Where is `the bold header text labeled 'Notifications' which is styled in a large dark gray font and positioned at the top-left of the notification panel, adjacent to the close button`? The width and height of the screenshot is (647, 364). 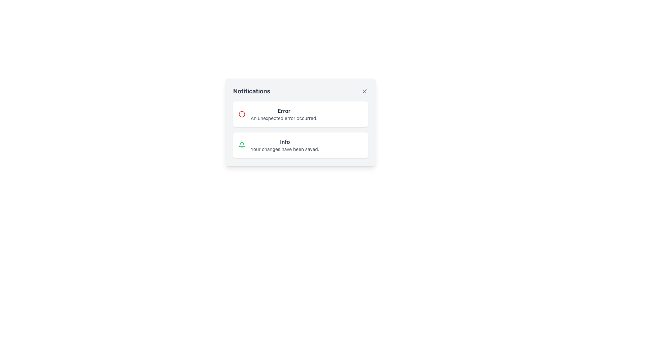
the bold header text labeled 'Notifications' which is styled in a large dark gray font and positioned at the top-left of the notification panel, adjacent to the close button is located at coordinates (251, 91).